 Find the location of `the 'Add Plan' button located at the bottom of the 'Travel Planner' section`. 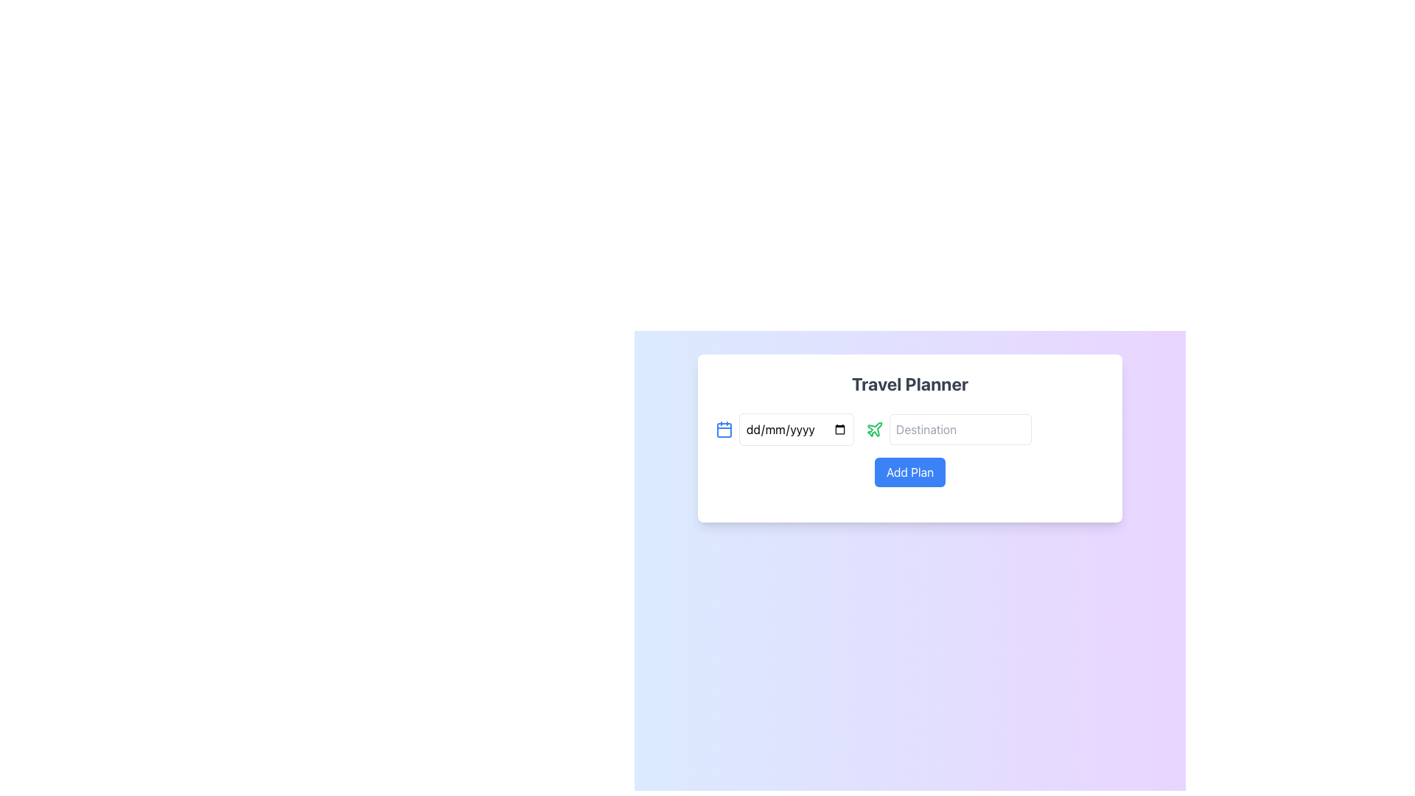

the 'Add Plan' button located at the bottom of the 'Travel Planner' section is located at coordinates (909, 472).